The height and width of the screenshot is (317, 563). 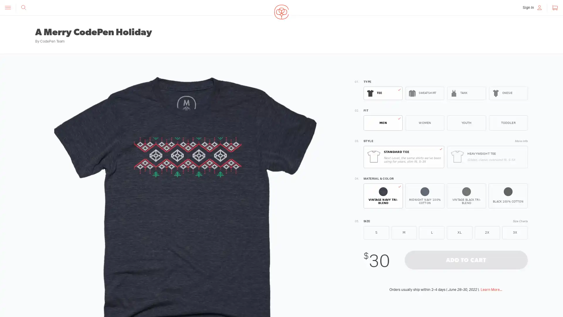 What do you see at coordinates (425, 196) in the screenshot?
I see `MIDNIGHT NAVY 100% COTTON` at bounding box center [425, 196].